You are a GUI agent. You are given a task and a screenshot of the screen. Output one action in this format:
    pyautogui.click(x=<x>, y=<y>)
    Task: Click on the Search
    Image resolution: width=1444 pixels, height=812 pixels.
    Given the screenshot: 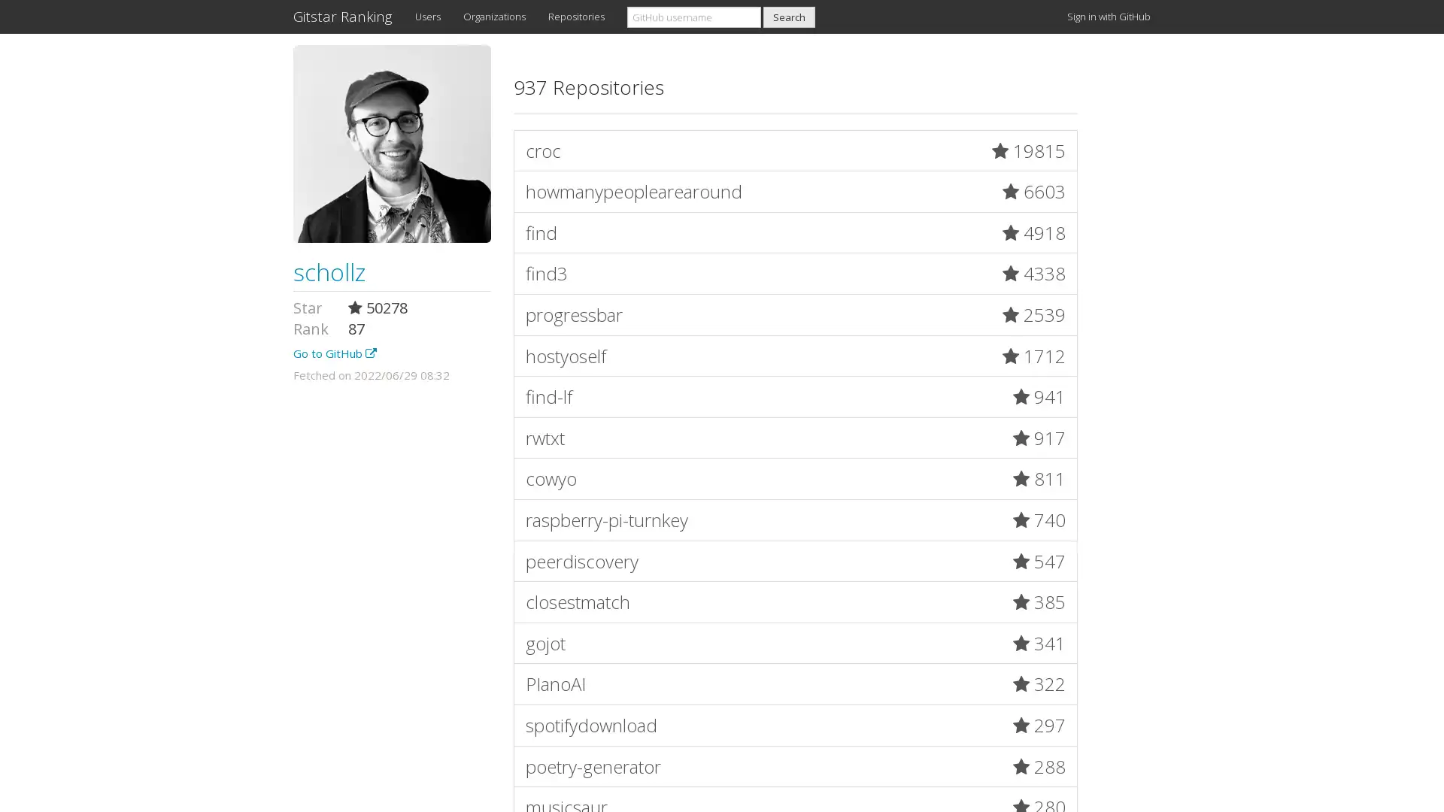 What is the action you would take?
    pyautogui.click(x=788, y=17)
    